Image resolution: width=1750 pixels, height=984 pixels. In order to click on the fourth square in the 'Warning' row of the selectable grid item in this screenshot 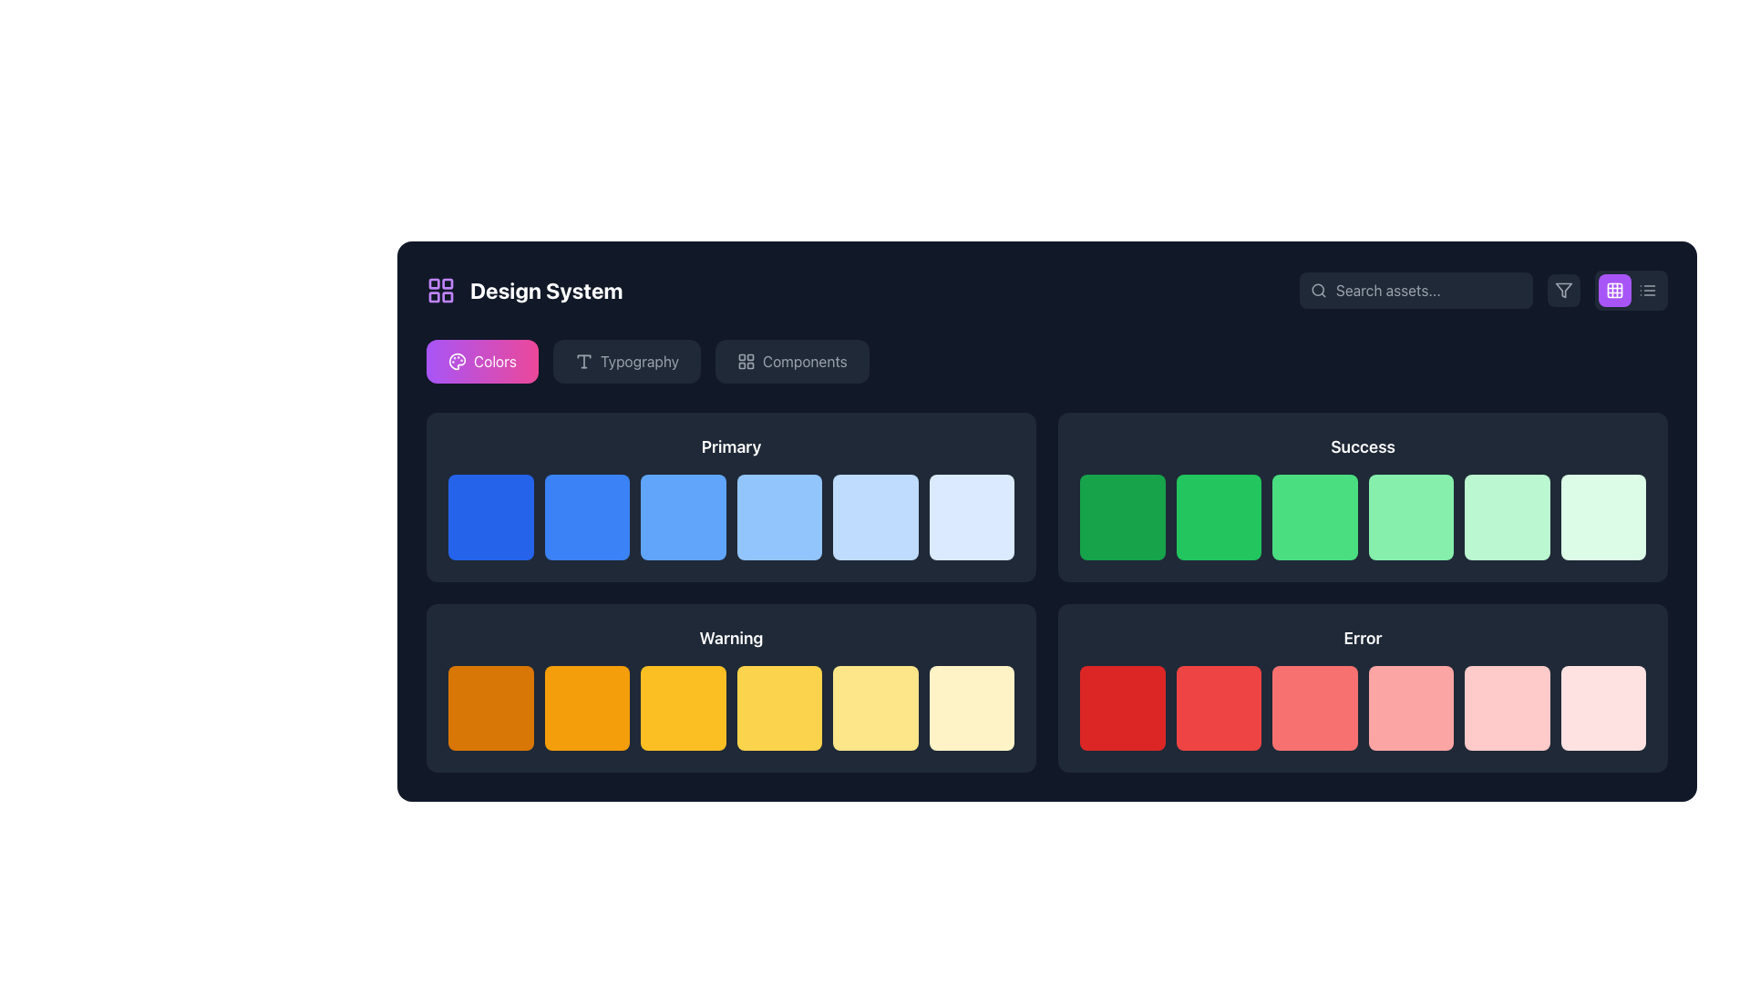, I will do `click(779, 707)`.